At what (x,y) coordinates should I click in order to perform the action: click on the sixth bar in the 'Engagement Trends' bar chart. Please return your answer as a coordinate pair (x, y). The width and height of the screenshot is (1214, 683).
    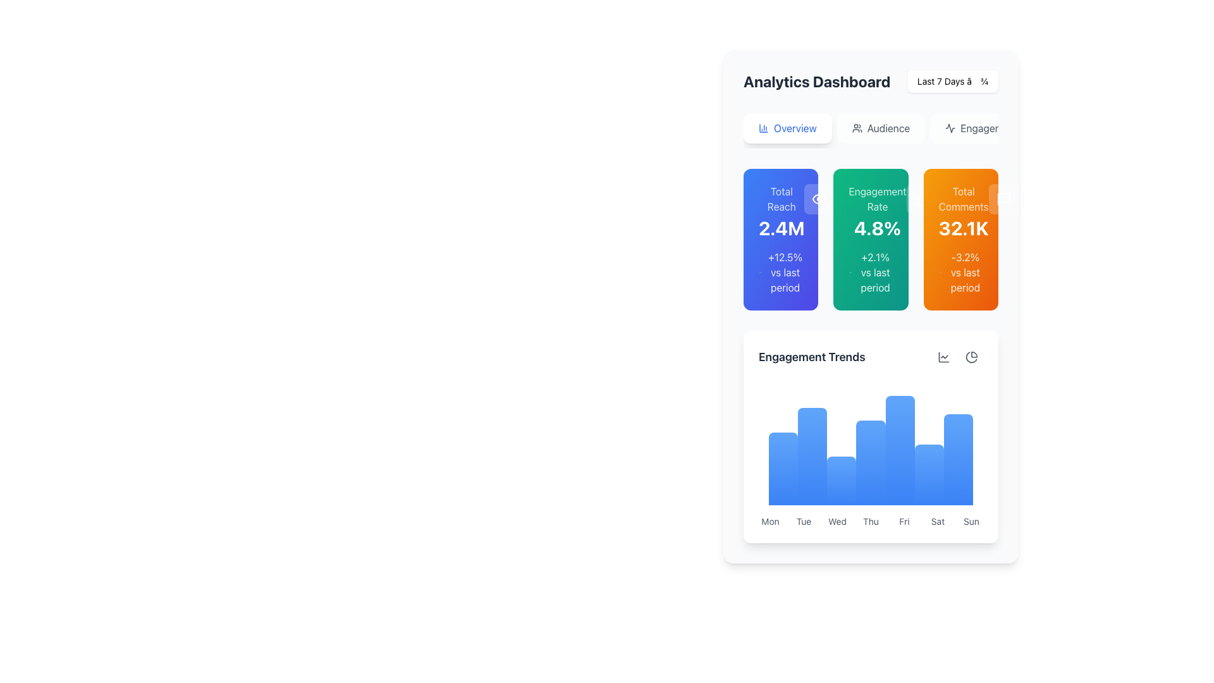
    Looking at the image, I should click on (929, 475).